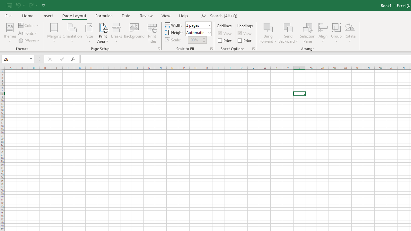 Image resolution: width=411 pixels, height=231 pixels. Describe the element at coordinates (89, 33) in the screenshot. I see `'Size'` at that location.